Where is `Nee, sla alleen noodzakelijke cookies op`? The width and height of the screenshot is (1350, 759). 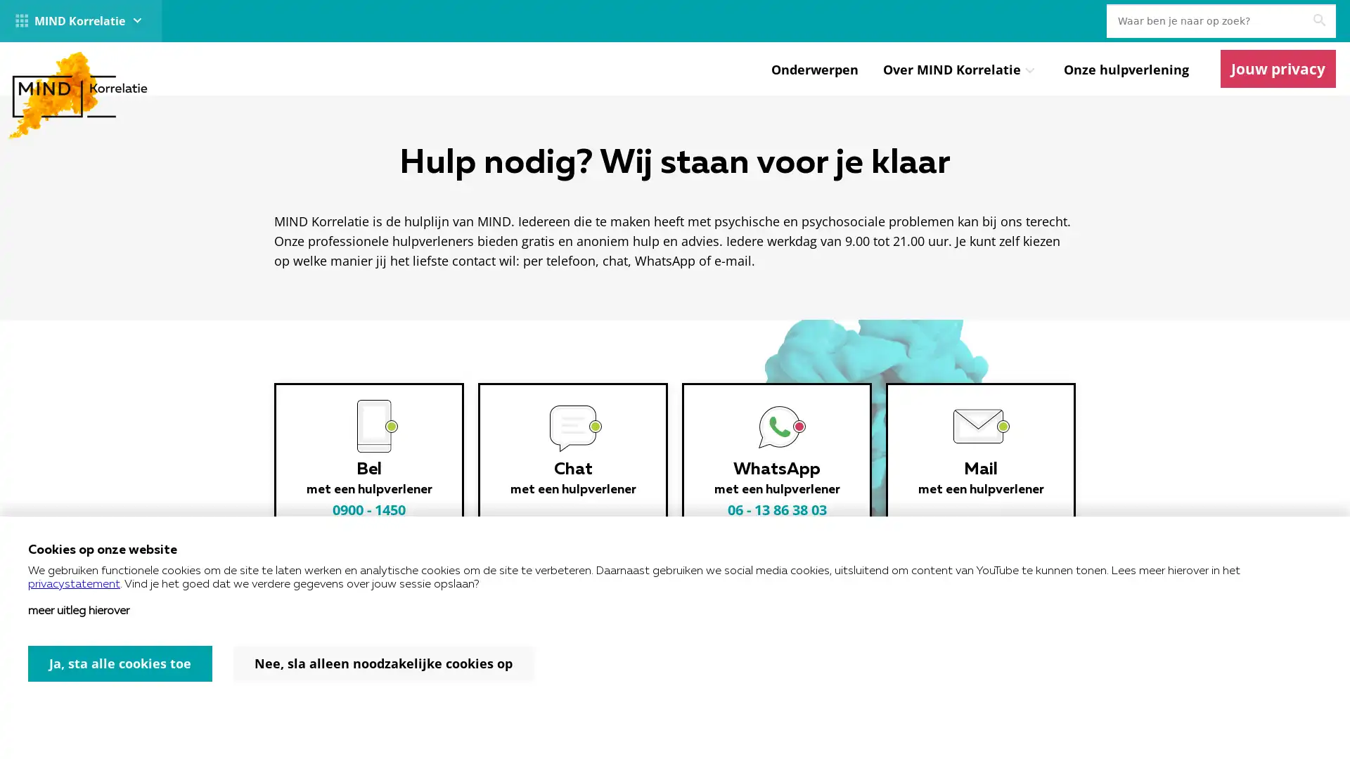 Nee, sla alleen noodzakelijke cookies op is located at coordinates (383, 663).